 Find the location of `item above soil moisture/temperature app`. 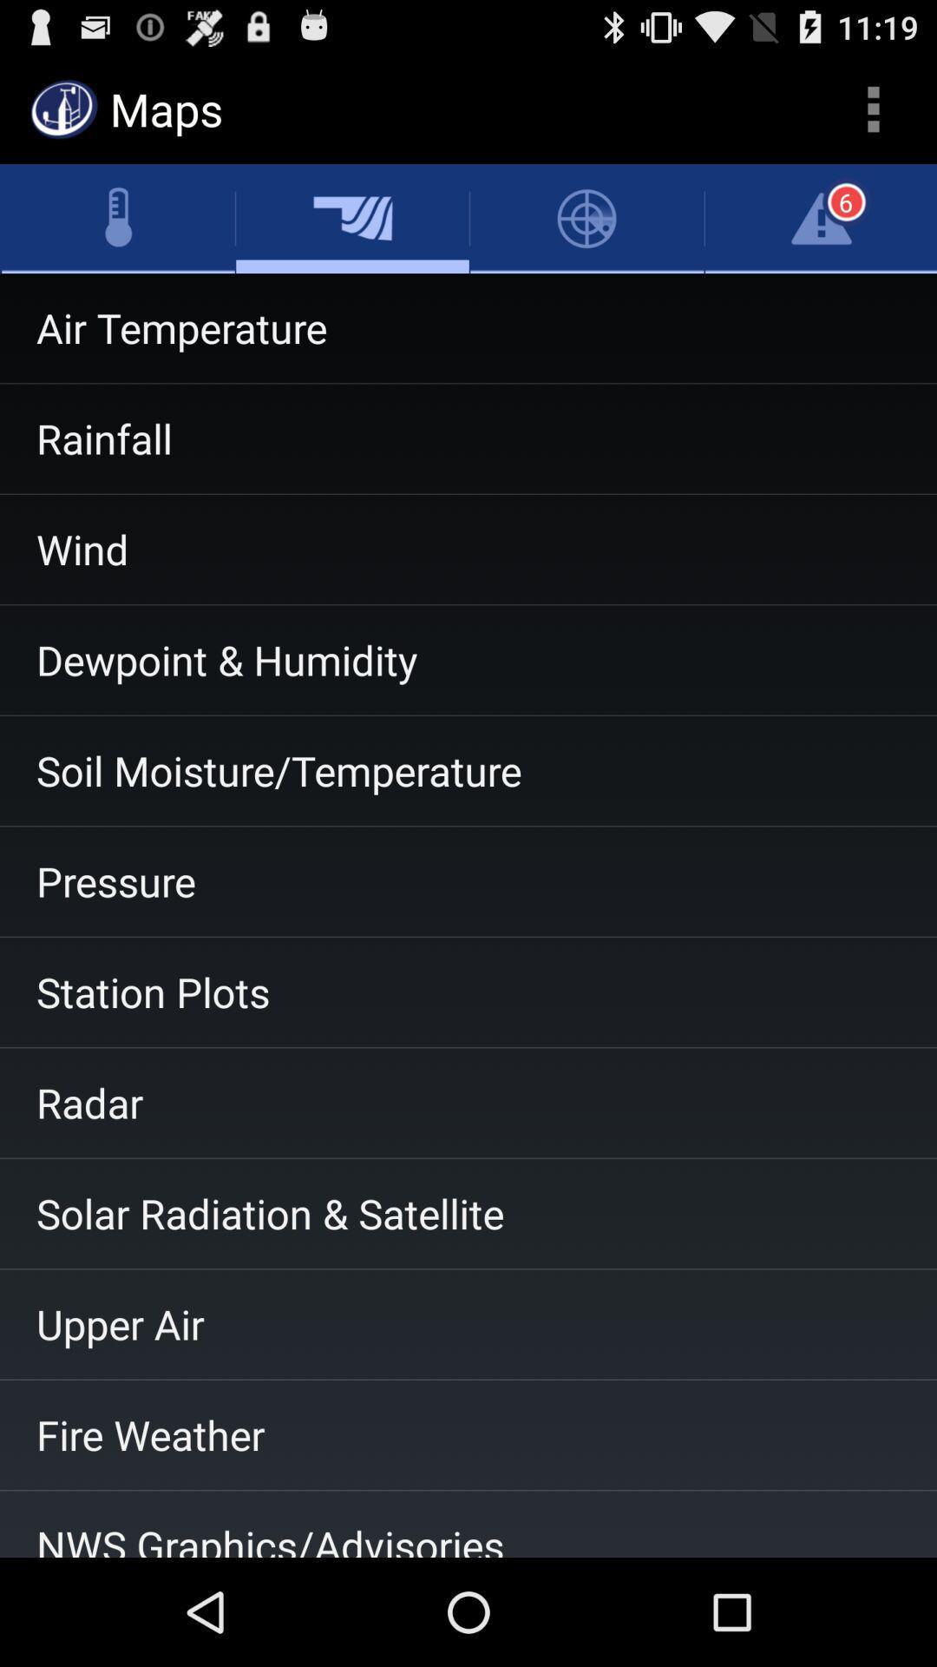

item above soil moisture/temperature app is located at coordinates (468, 659).